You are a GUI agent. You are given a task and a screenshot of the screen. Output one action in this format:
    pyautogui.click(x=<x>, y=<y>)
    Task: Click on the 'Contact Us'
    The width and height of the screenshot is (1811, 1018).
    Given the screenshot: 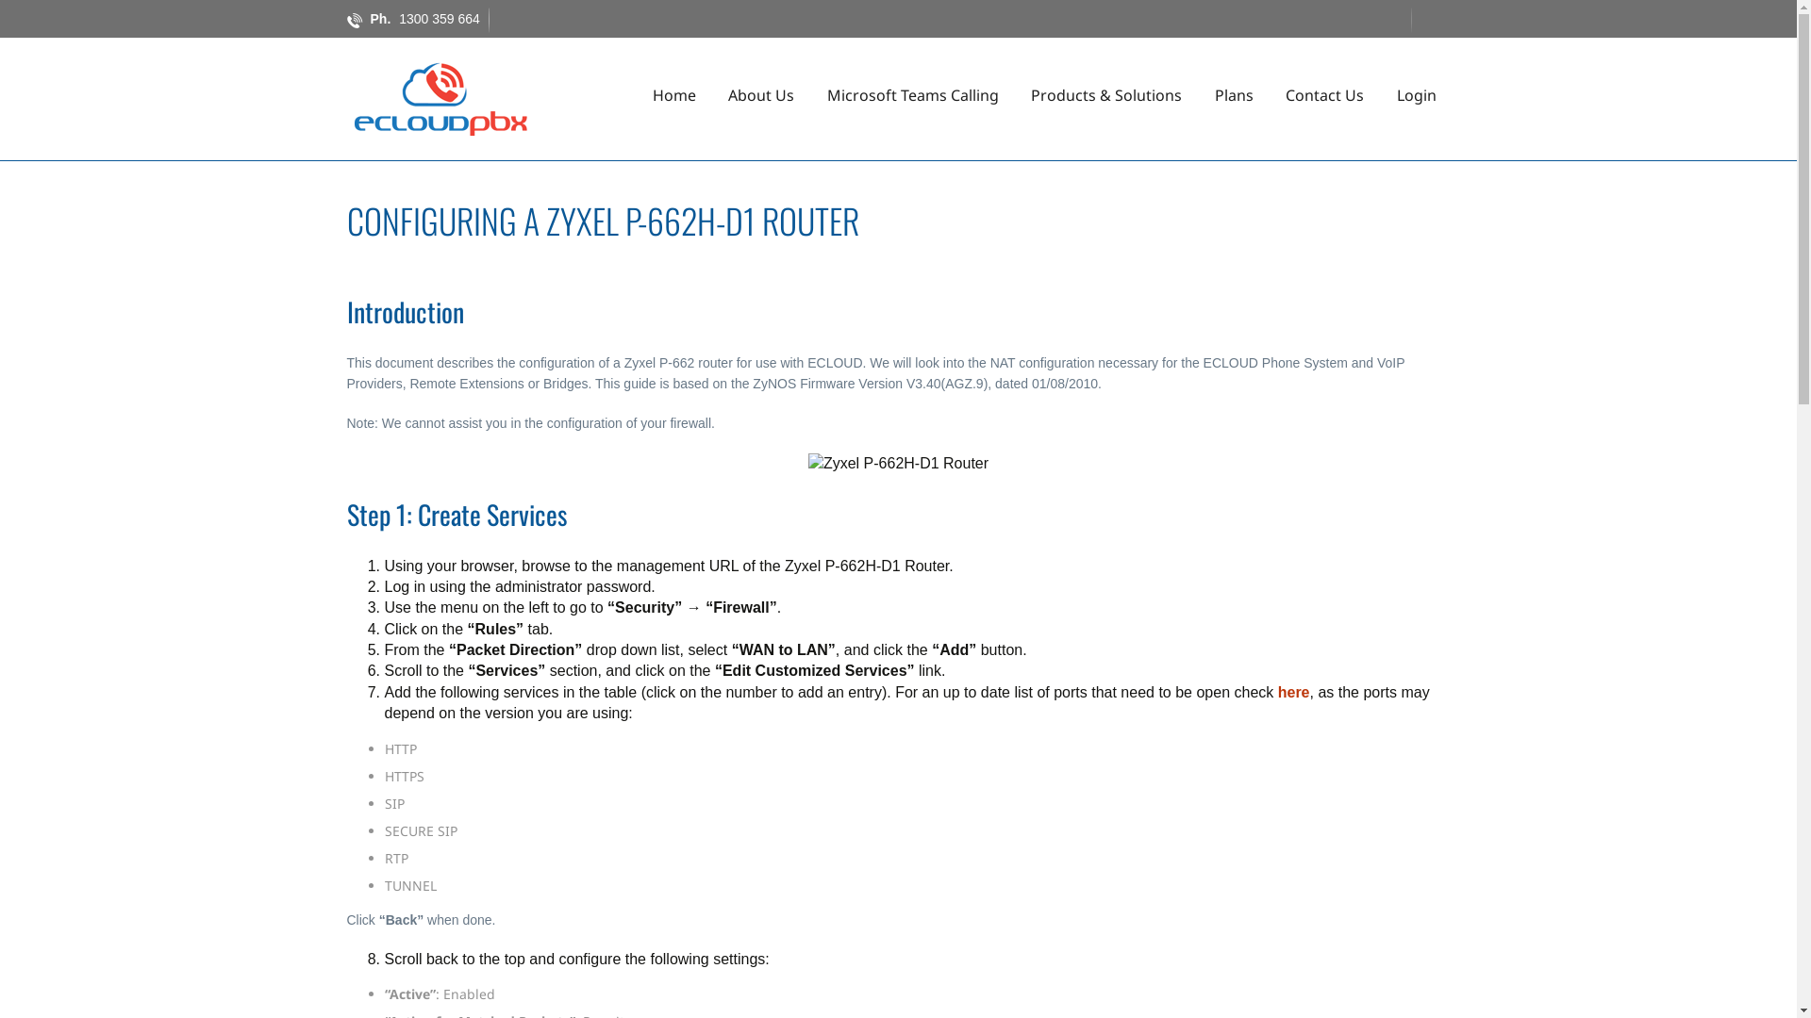 What is the action you would take?
    pyautogui.click(x=1323, y=94)
    